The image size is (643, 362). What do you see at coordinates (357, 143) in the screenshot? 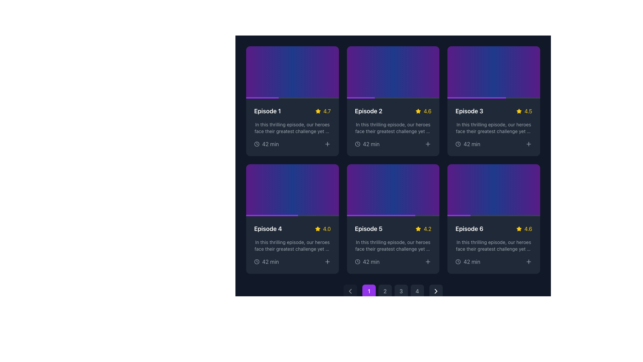
I see `the clock icon located in the bottom section of the Episode 2 card, positioned to the left of the '42 min' text` at bounding box center [357, 143].